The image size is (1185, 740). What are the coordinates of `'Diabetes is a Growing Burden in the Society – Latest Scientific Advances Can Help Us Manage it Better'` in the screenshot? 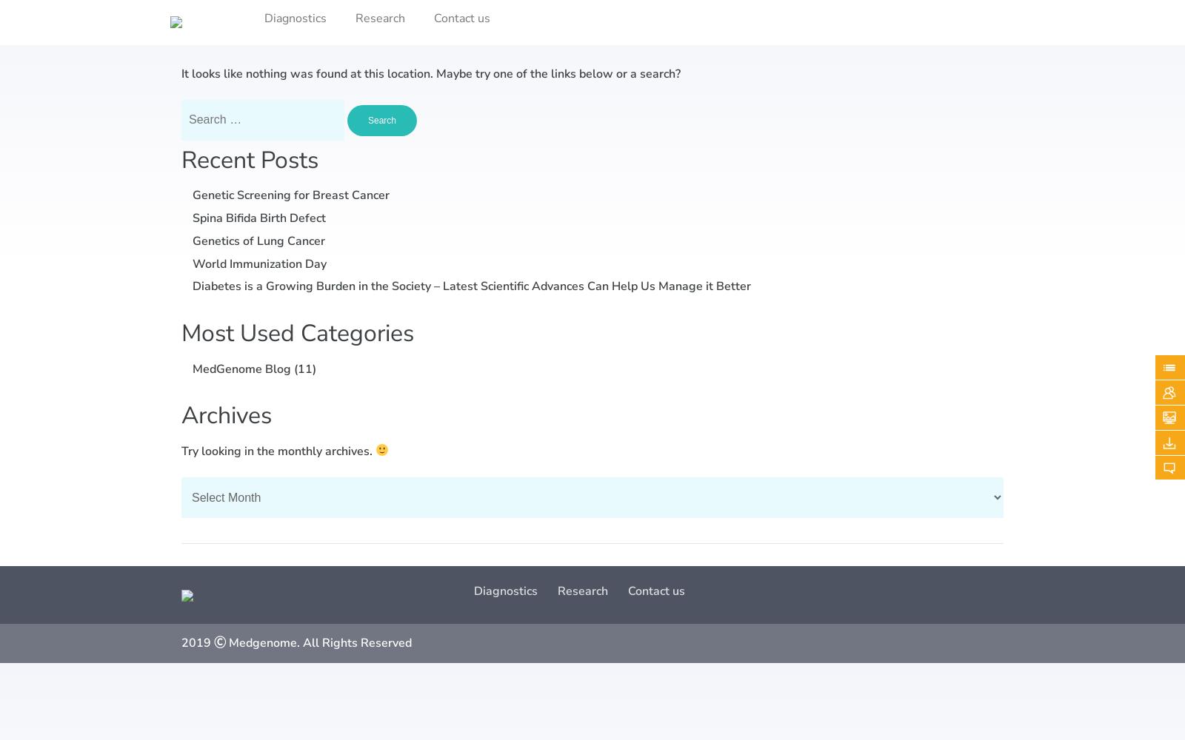 It's located at (193, 286).